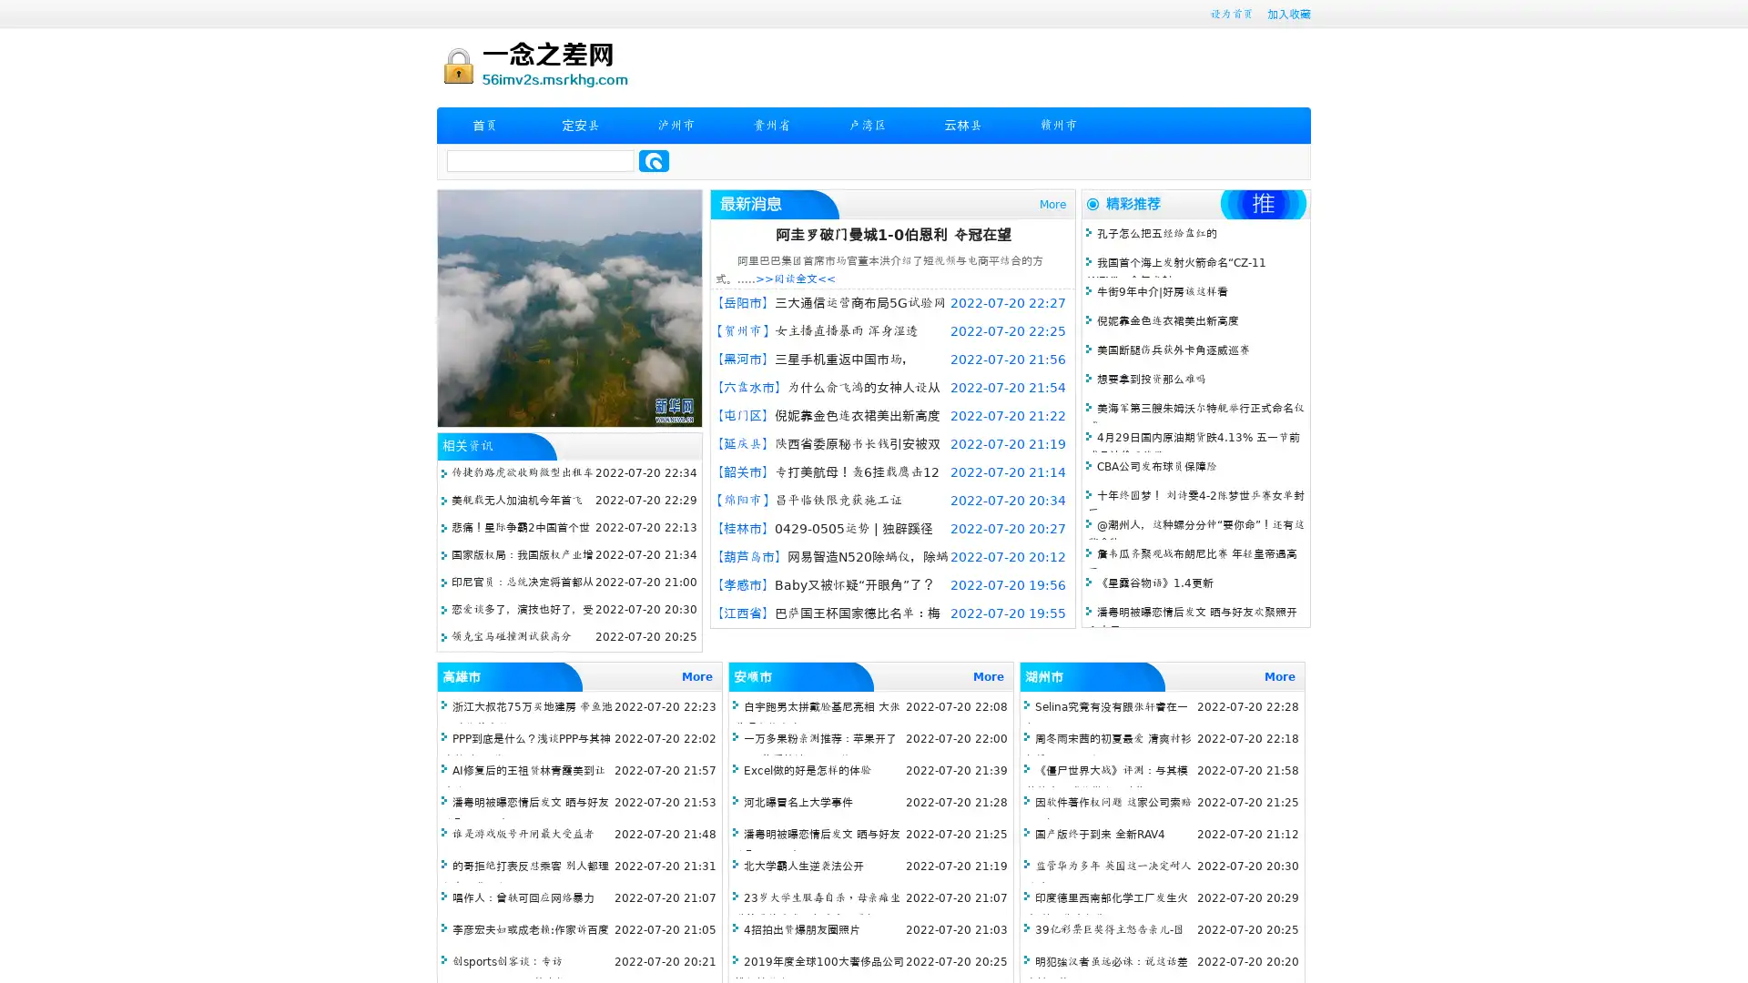  I want to click on Search, so click(654, 160).